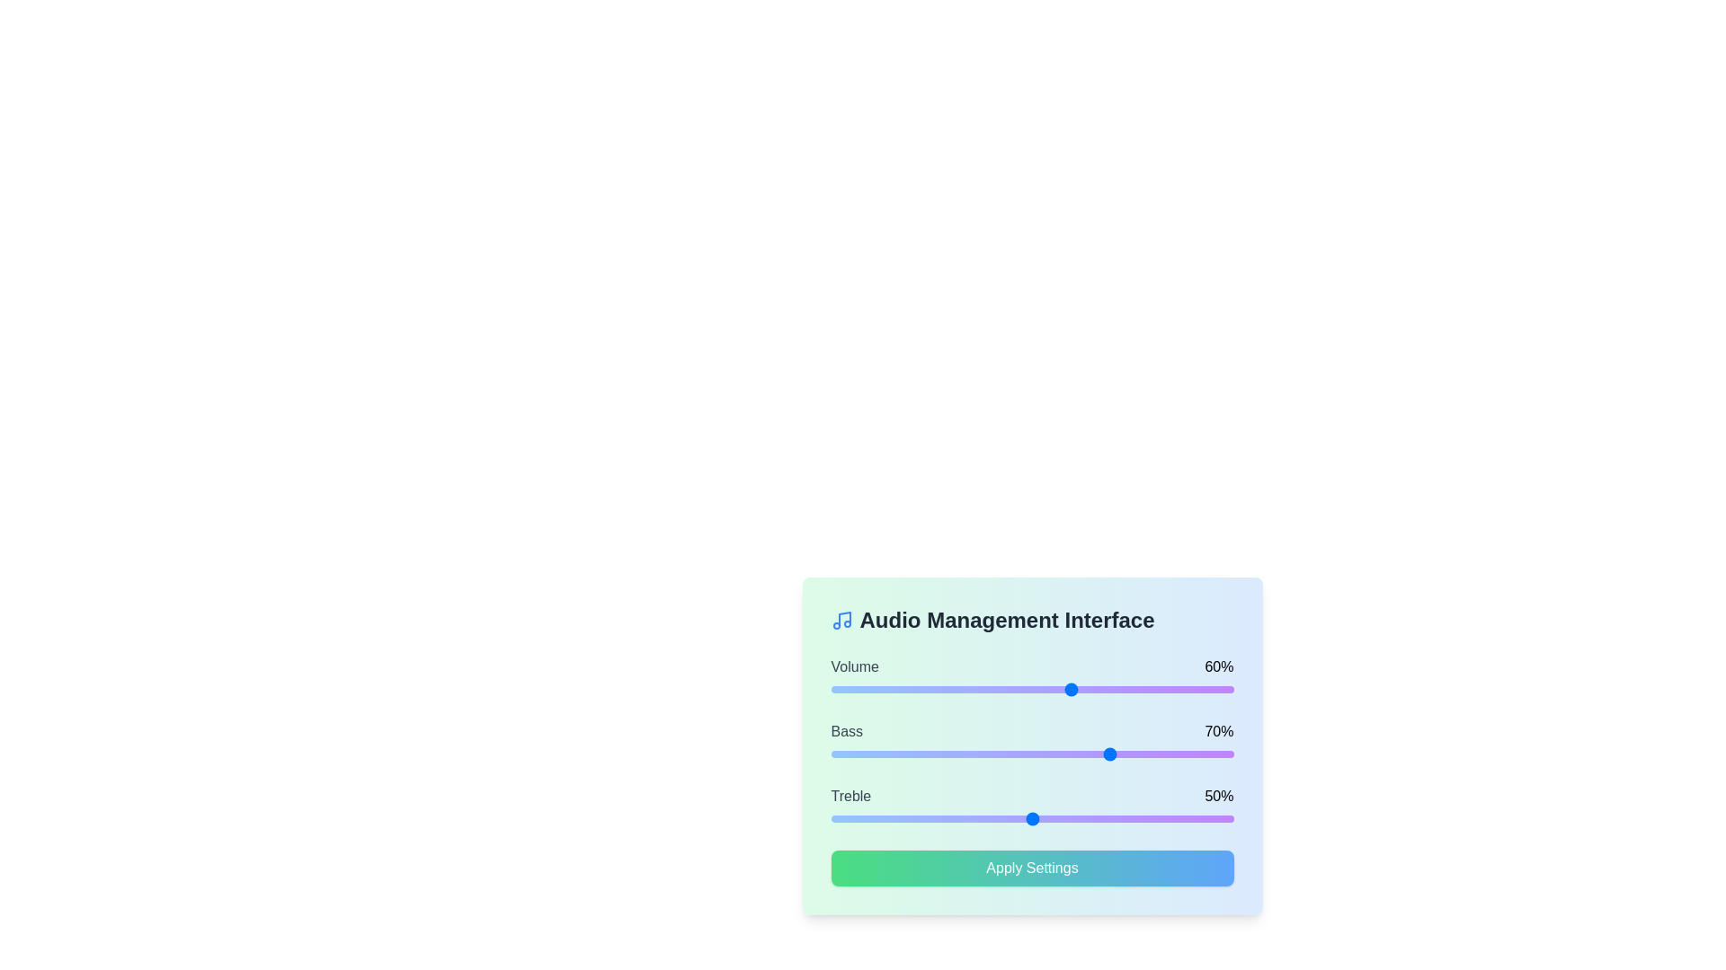  What do you see at coordinates (999, 818) in the screenshot?
I see `the treble level` at bounding box center [999, 818].